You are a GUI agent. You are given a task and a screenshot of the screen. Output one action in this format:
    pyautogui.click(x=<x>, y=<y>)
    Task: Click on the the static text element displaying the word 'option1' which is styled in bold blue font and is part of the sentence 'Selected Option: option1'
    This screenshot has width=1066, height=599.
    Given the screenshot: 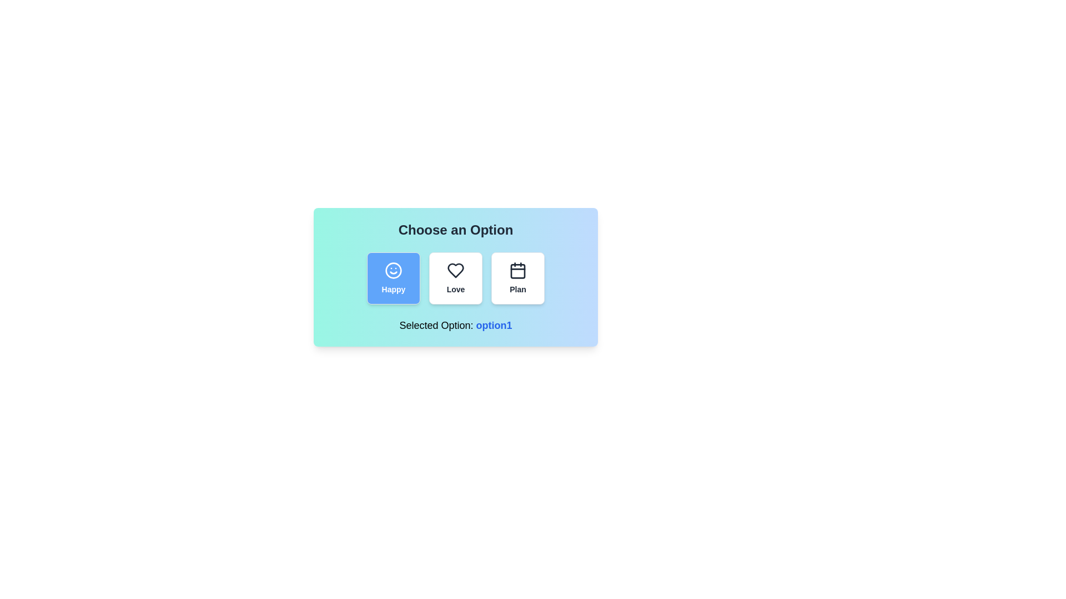 What is the action you would take?
    pyautogui.click(x=494, y=324)
    